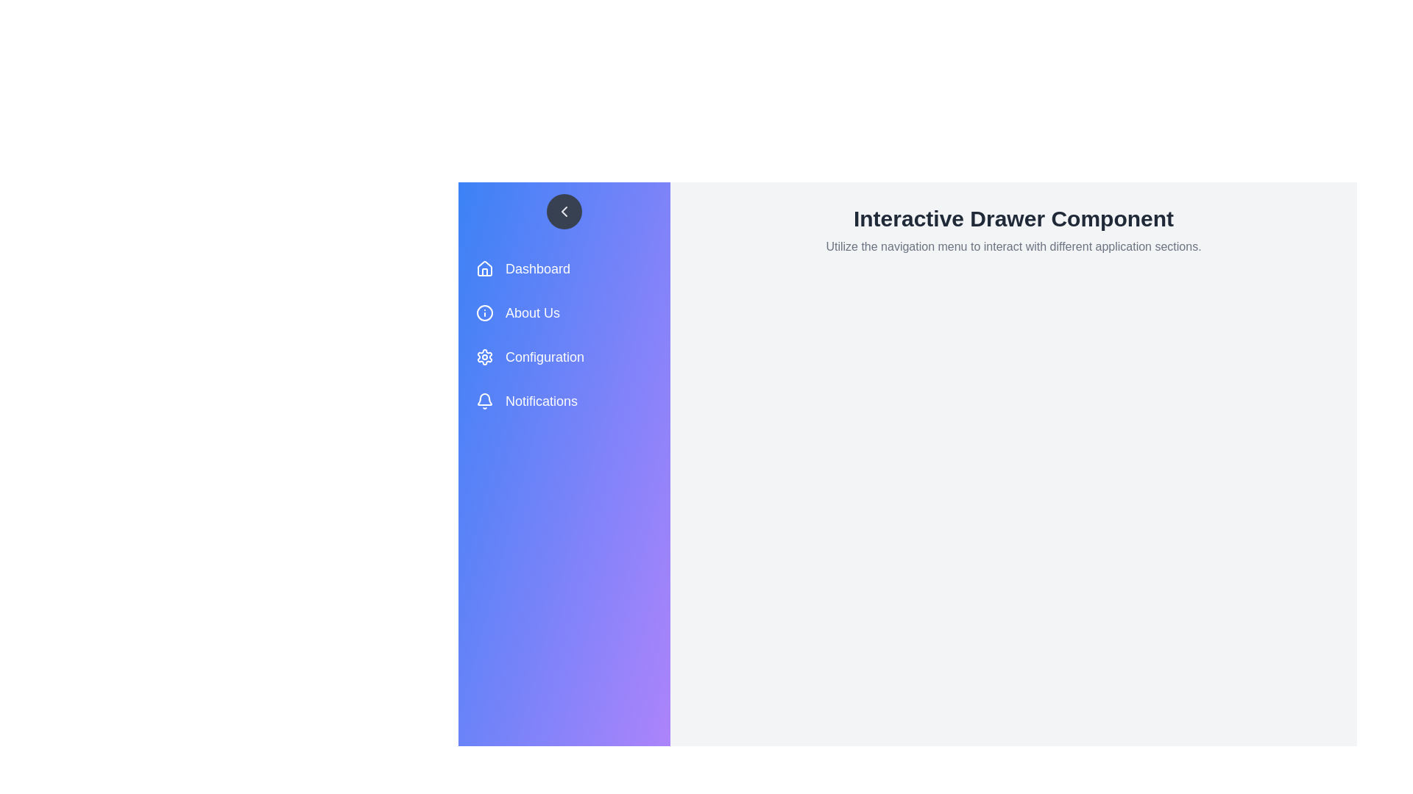  Describe the element at coordinates (540, 401) in the screenshot. I see `the 'Notifications' text in the vertical navigation menu` at that location.